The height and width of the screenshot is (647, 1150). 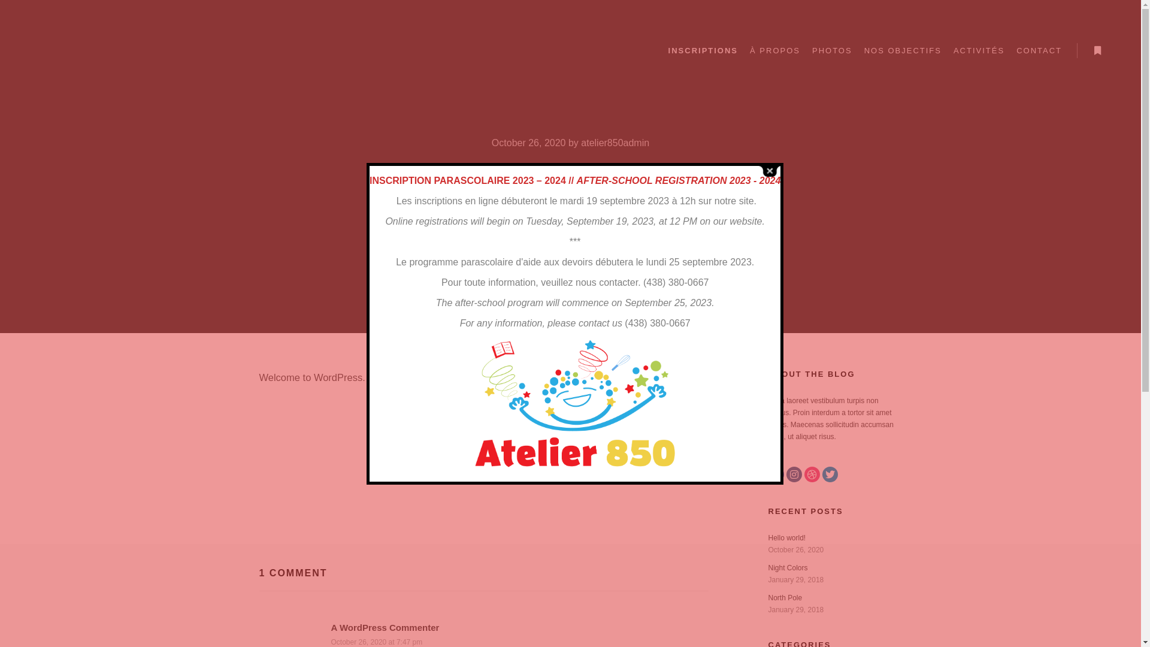 I want to click on 'October 26, 2020 at 7:47 pm', so click(x=376, y=642).